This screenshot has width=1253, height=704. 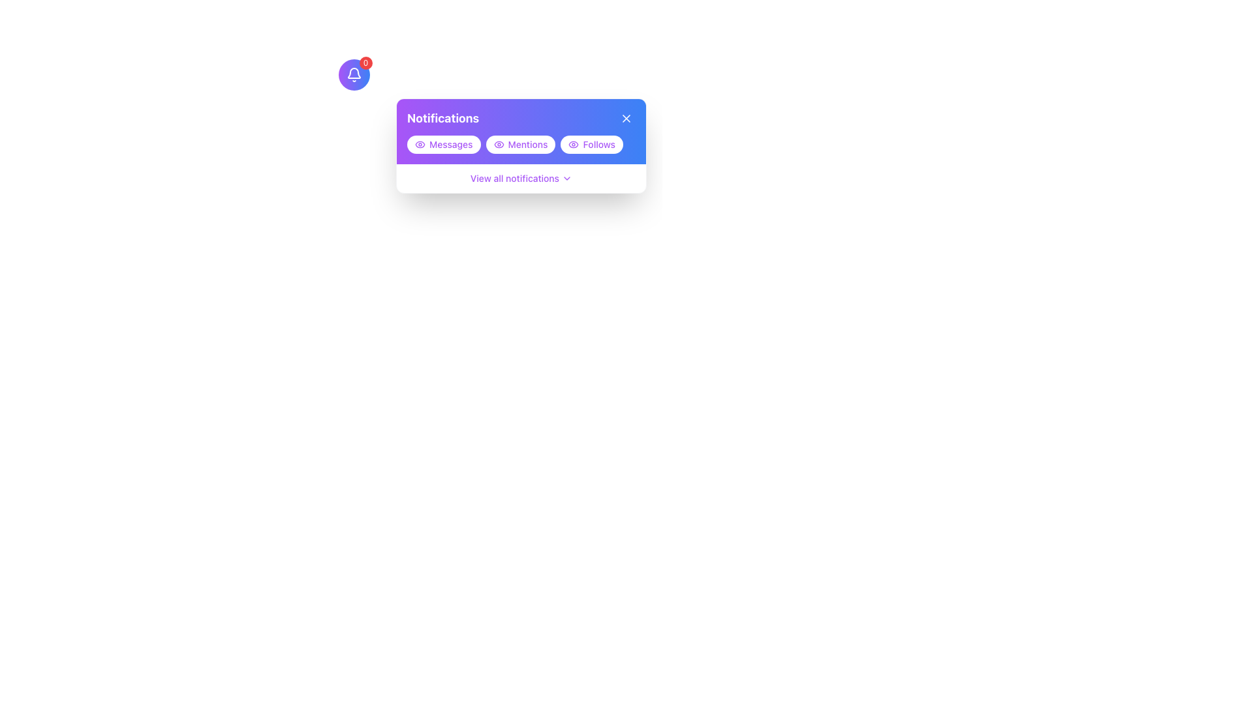 I want to click on the 'X' icon located in the top-right corner of the notification panel, so click(x=626, y=118).